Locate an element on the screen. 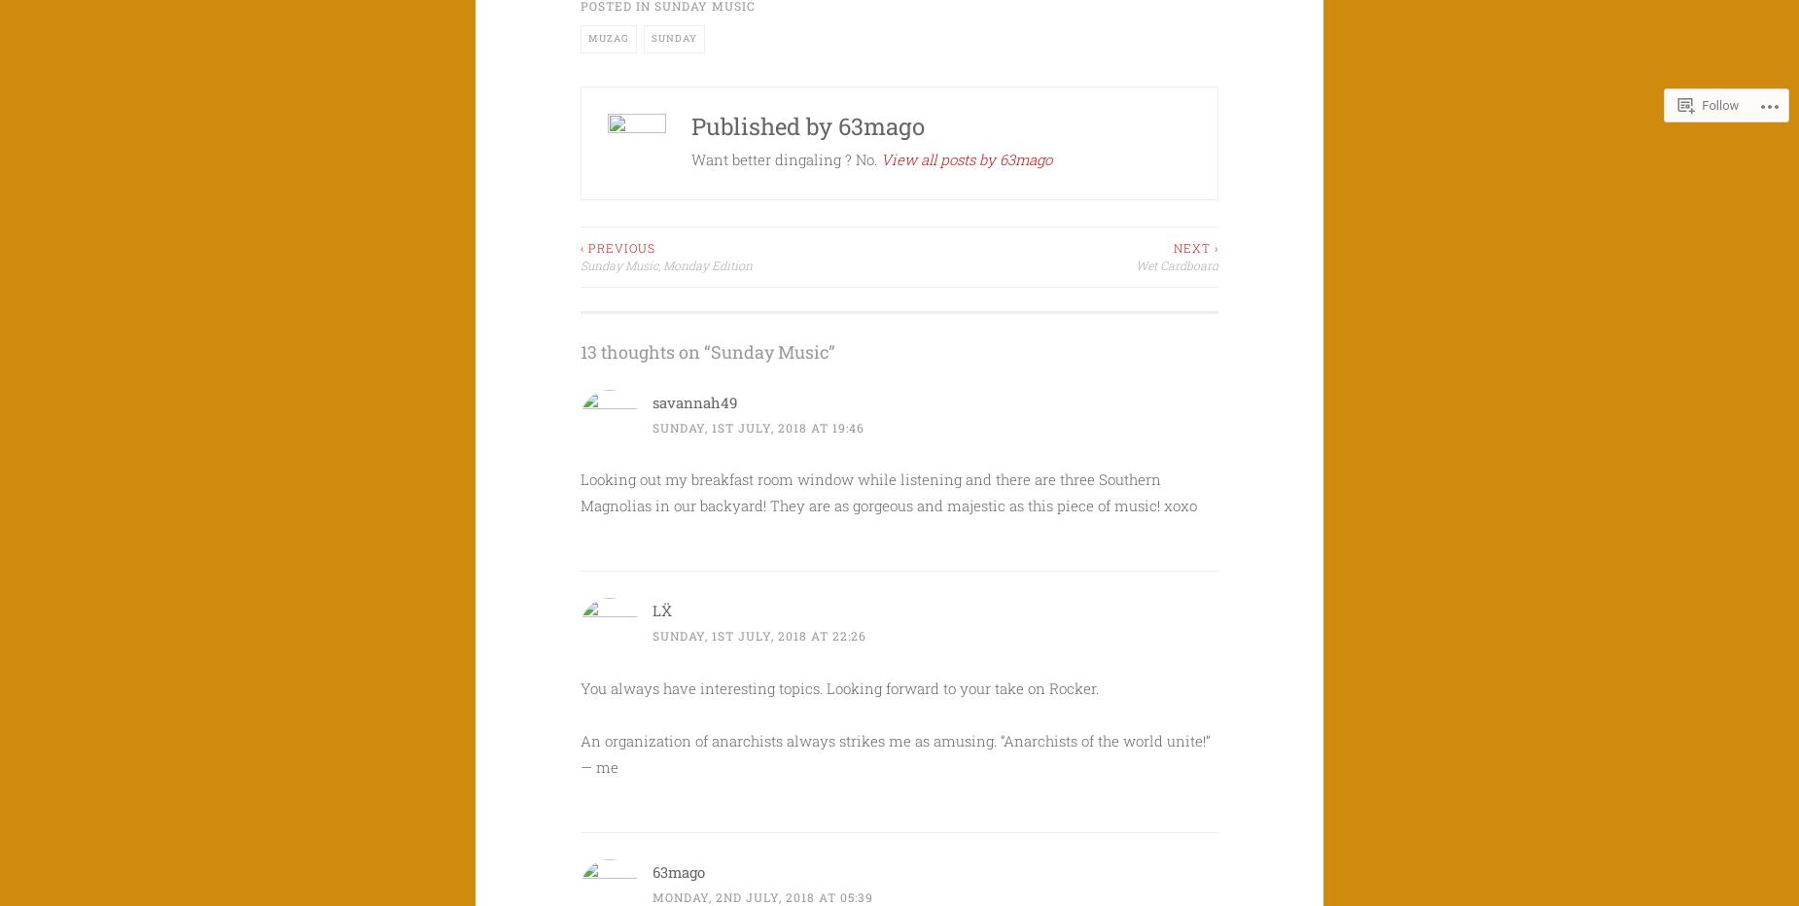 The image size is (1799, 906). 'Want better dingaling ? No.' is located at coordinates (786, 157).